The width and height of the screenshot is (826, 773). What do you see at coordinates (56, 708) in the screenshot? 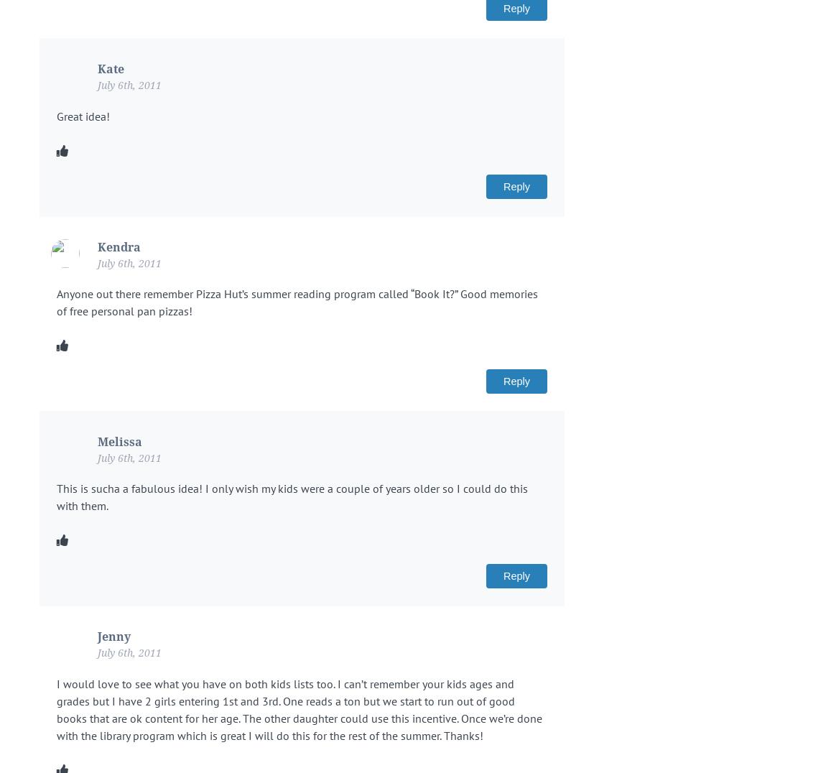
I see `'I would love to see what you have on both kids lists too. I can’t remember your kids ages and grades but I have 2 girls entering 1st and 3rd. One reads a ton but we start to run out of good books that are ok content for her age. The other daughter could use this incentive. Once we’re done with the library program which is great I will do this for the rest of the summer. Thanks!'` at bounding box center [56, 708].